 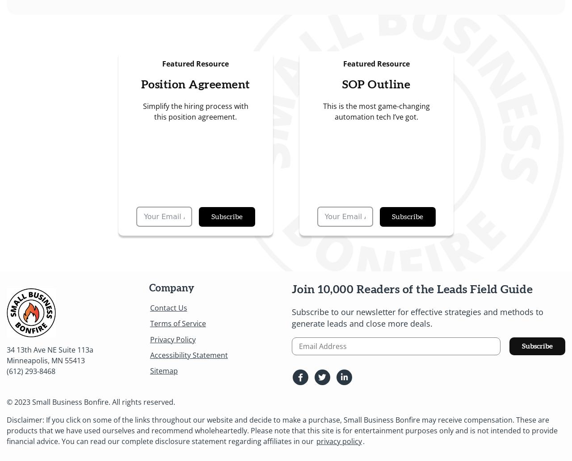 I want to click on 'Position Agreement', so click(x=194, y=84).